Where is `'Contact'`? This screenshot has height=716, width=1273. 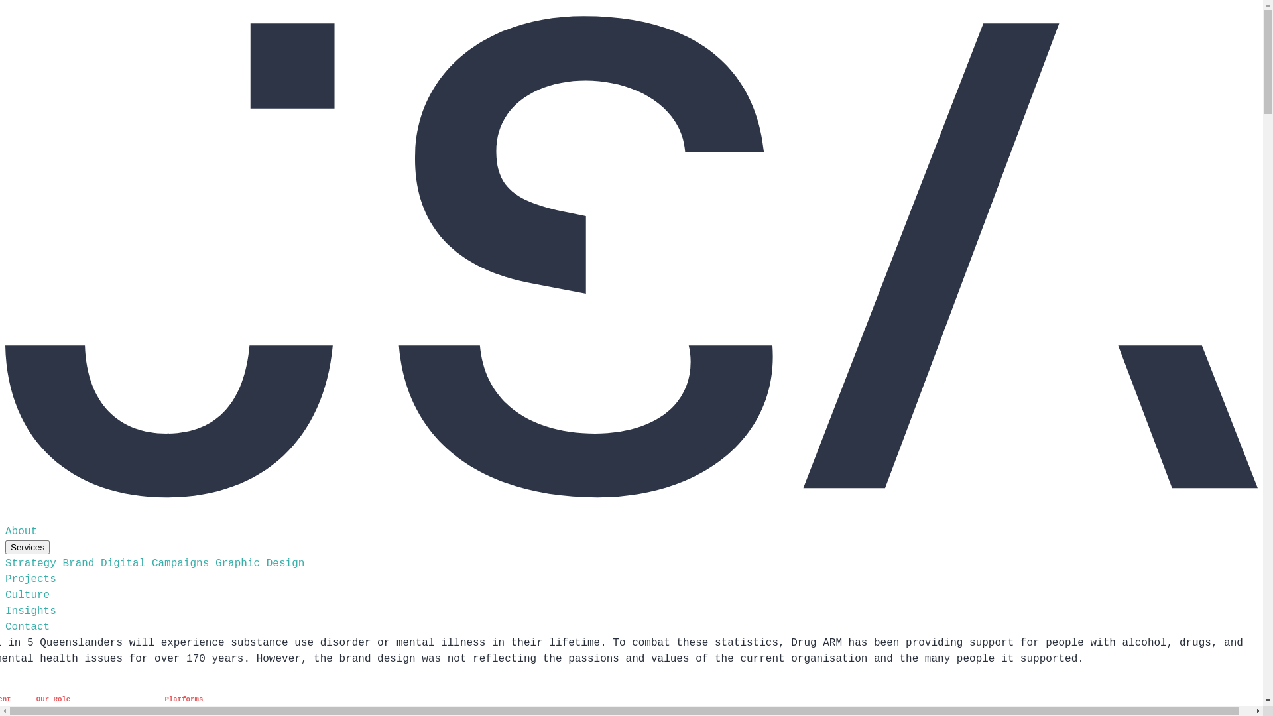
'Contact' is located at coordinates (5, 626).